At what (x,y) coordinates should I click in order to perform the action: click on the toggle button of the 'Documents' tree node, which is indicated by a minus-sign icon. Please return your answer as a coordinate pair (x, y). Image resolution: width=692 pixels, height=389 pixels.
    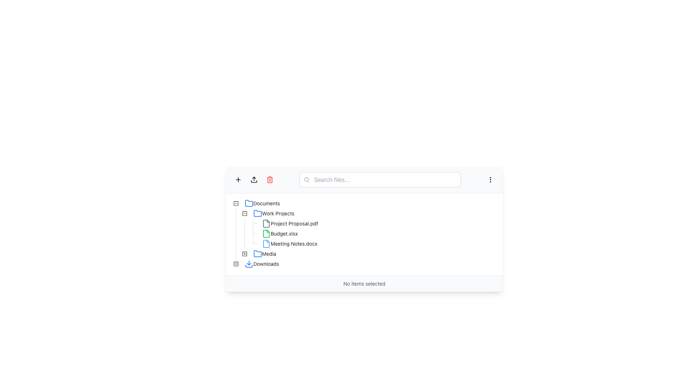
    Looking at the image, I should click on (257, 203).